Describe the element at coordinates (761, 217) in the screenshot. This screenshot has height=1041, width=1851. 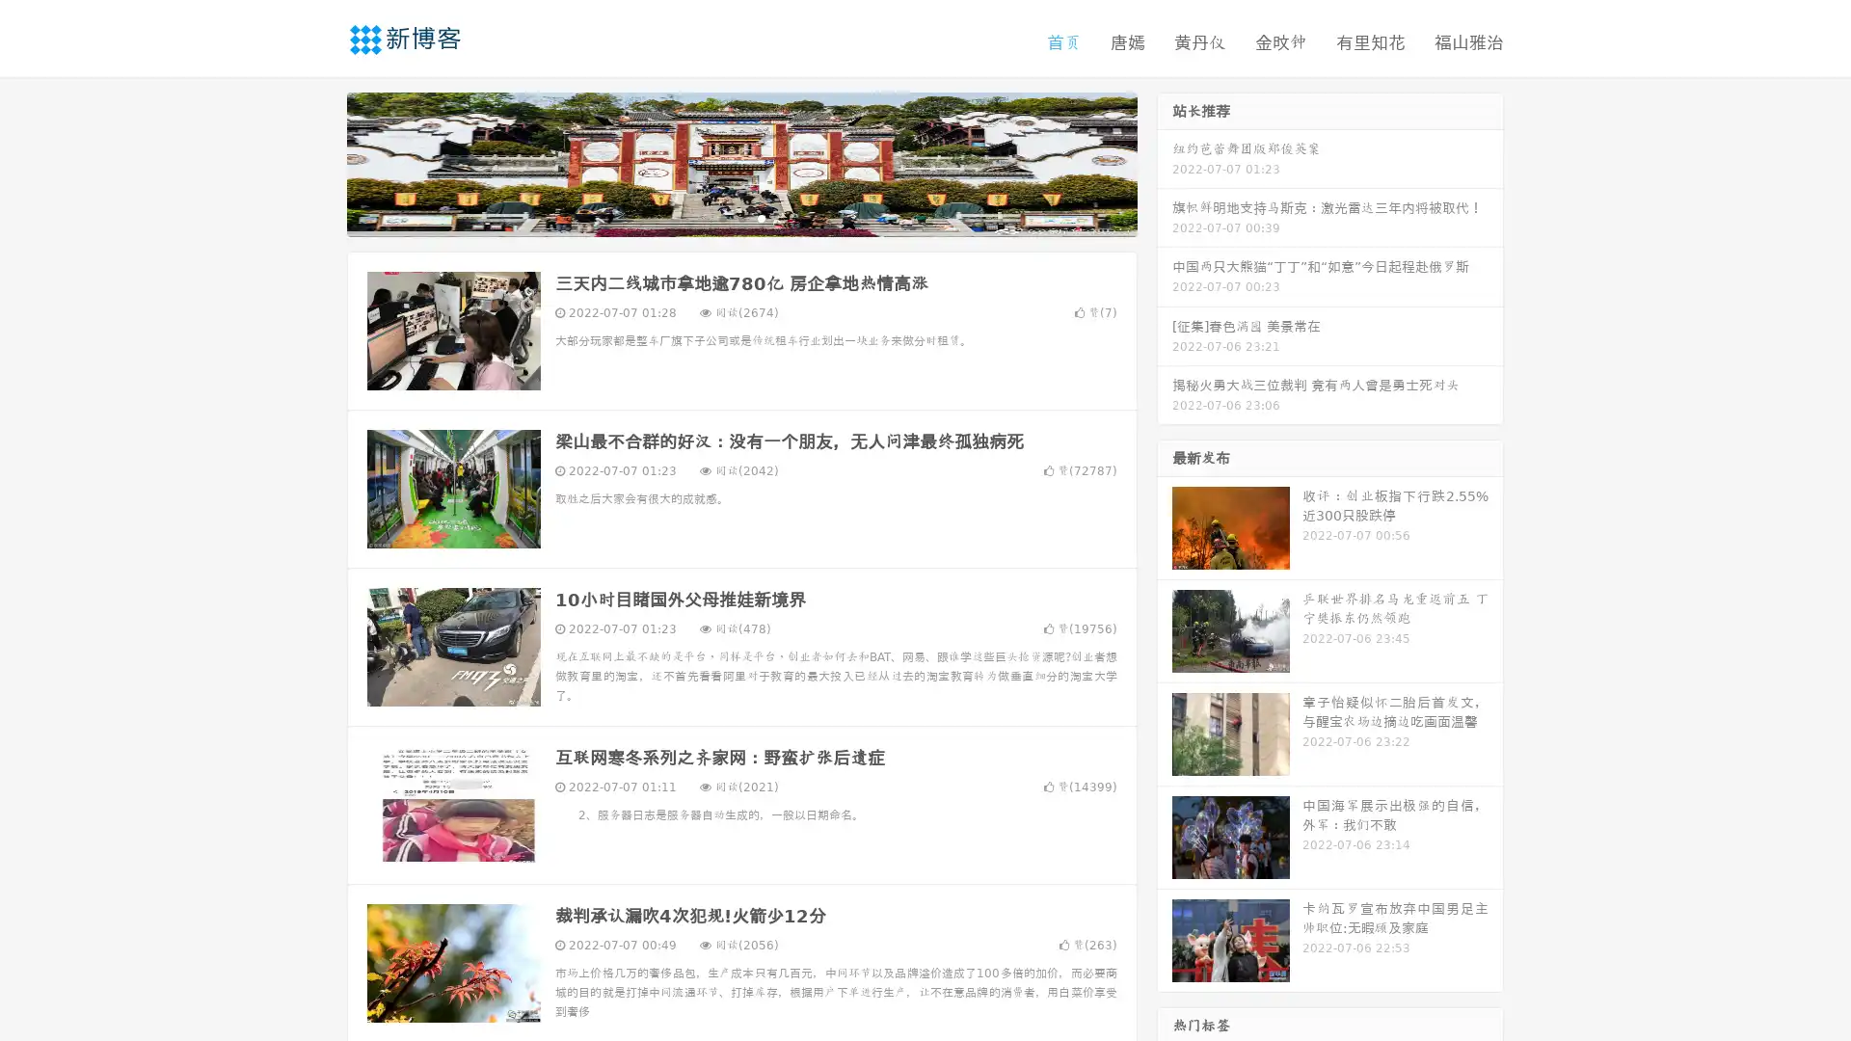
I see `Go to slide 3` at that location.